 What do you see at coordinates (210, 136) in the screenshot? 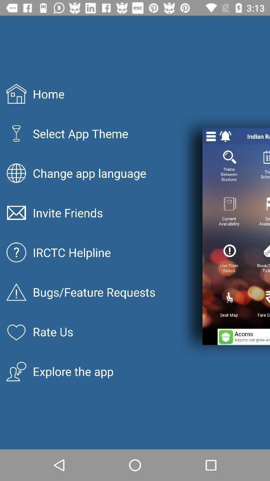
I see `close/open page options button` at bounding box center [210, 136].